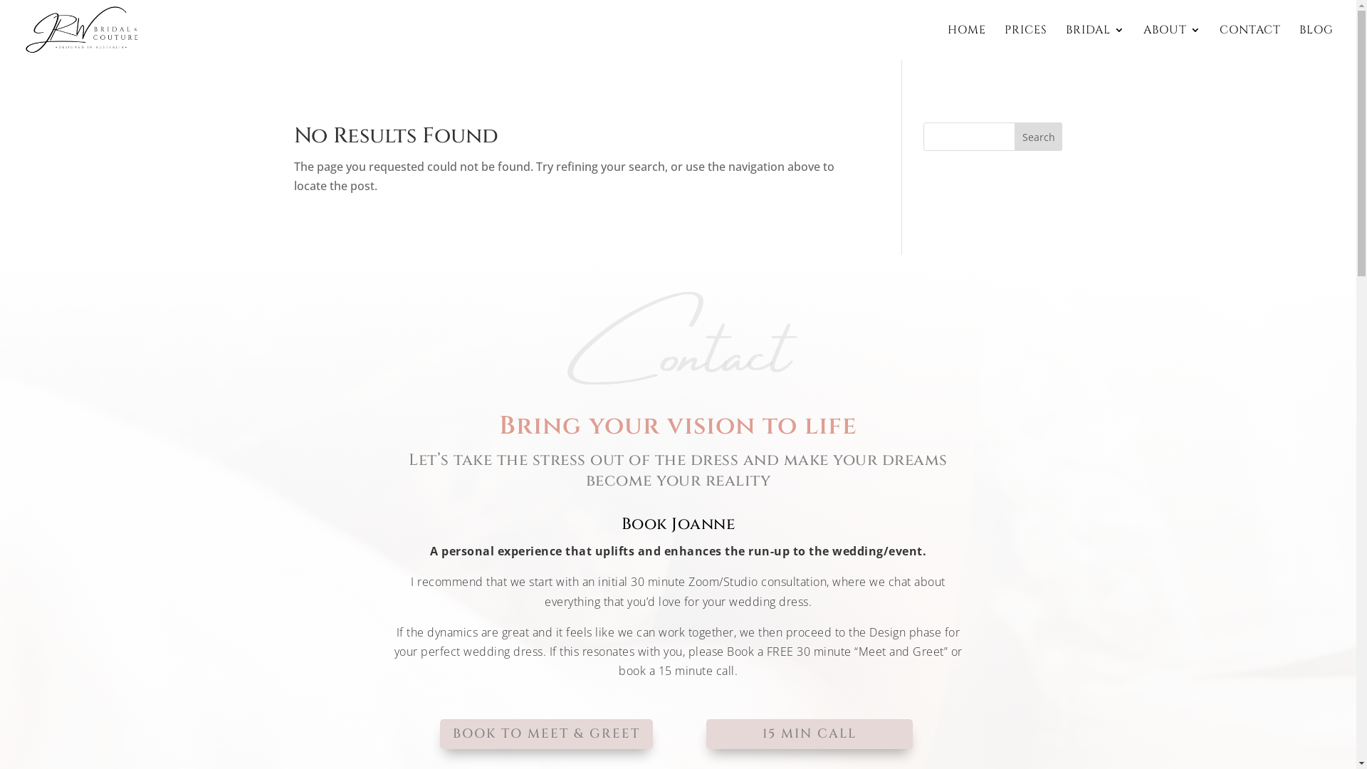  Describe the element at coordinates (1315, 41) in the screenshot. I see `'BLOG'` at that location.